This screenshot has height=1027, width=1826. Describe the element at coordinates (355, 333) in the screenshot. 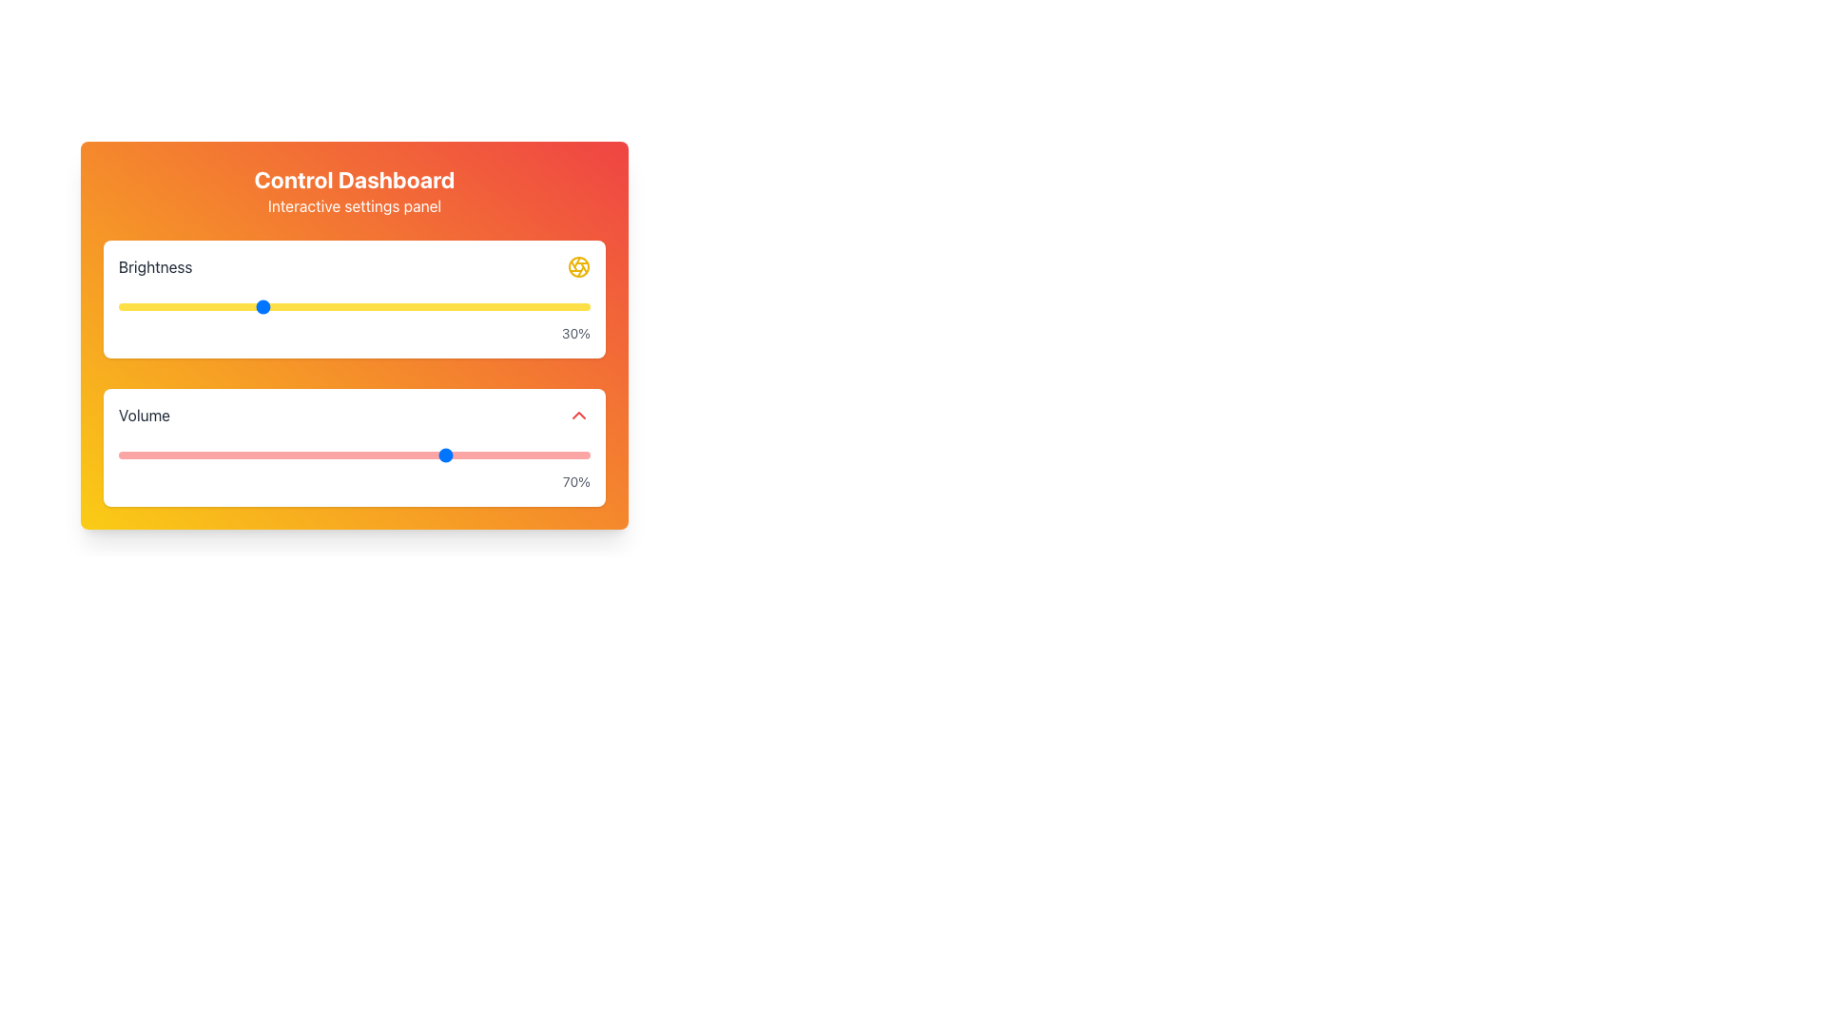

I see `the text label displaying '30%' which is styled in a smaller font size, aligned to the right, and located below the brightness slider in the brightness settings card` at that location.